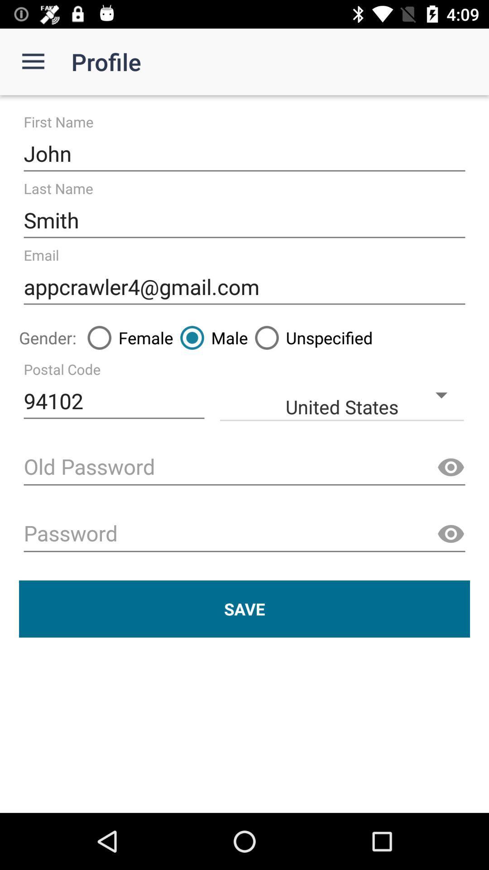  I want to click on the visibility icon, so click(451, 468).